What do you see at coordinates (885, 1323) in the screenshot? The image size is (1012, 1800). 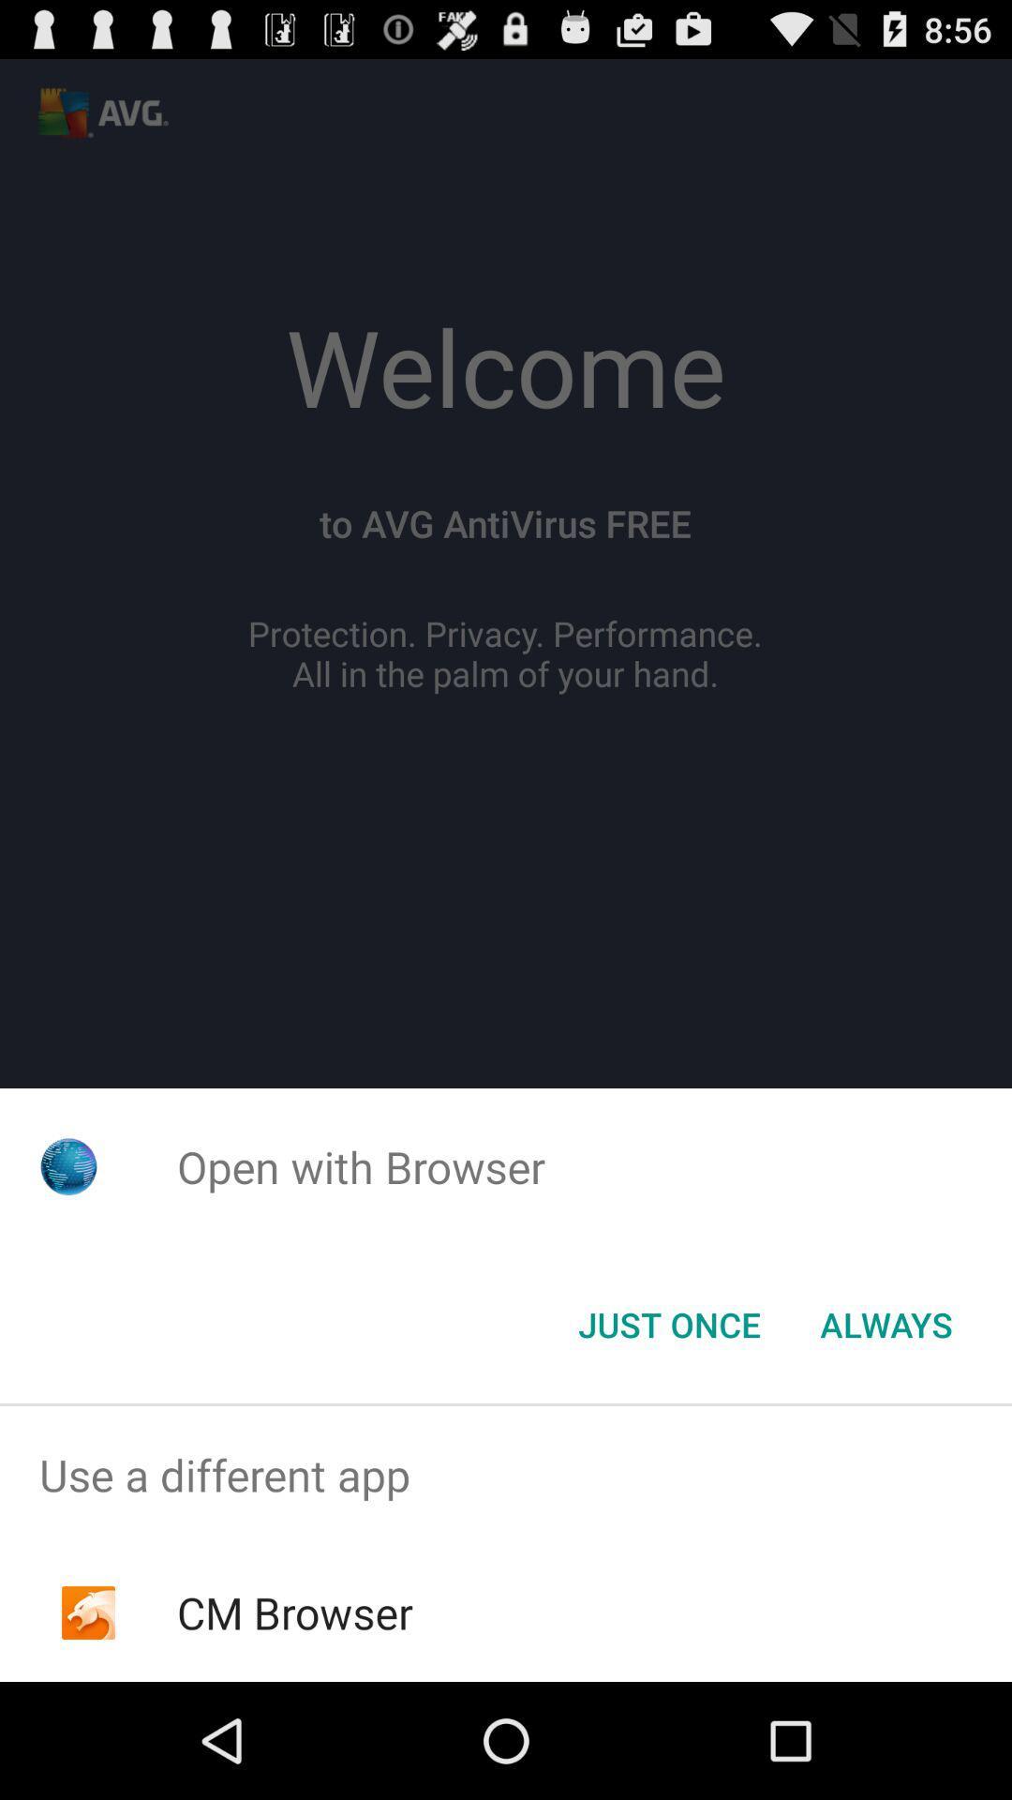 I see `the item below open with browser app` at bounding box center [885, 1323].